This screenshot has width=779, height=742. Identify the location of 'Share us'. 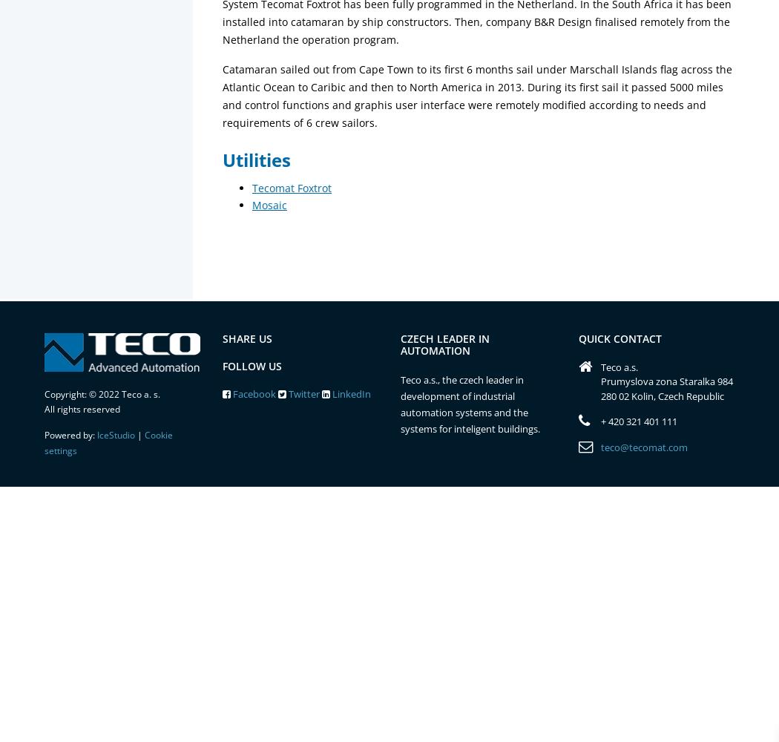
(247, 338).